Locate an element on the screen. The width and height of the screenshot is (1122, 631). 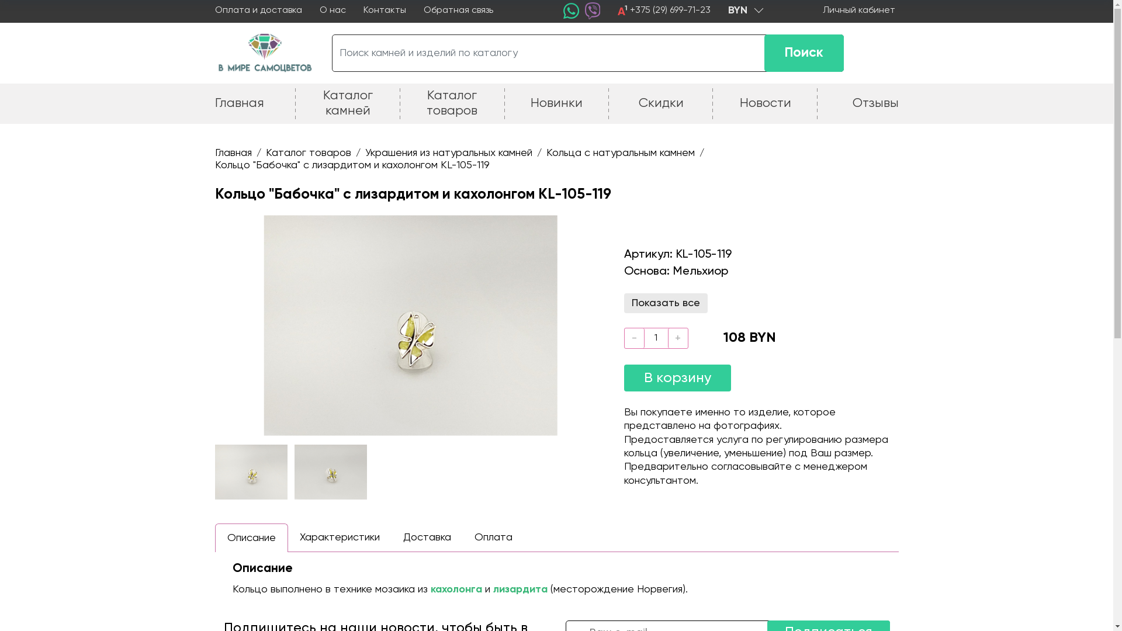
'+375 (29) 699-71-23' is located at coordinates (670, 11).